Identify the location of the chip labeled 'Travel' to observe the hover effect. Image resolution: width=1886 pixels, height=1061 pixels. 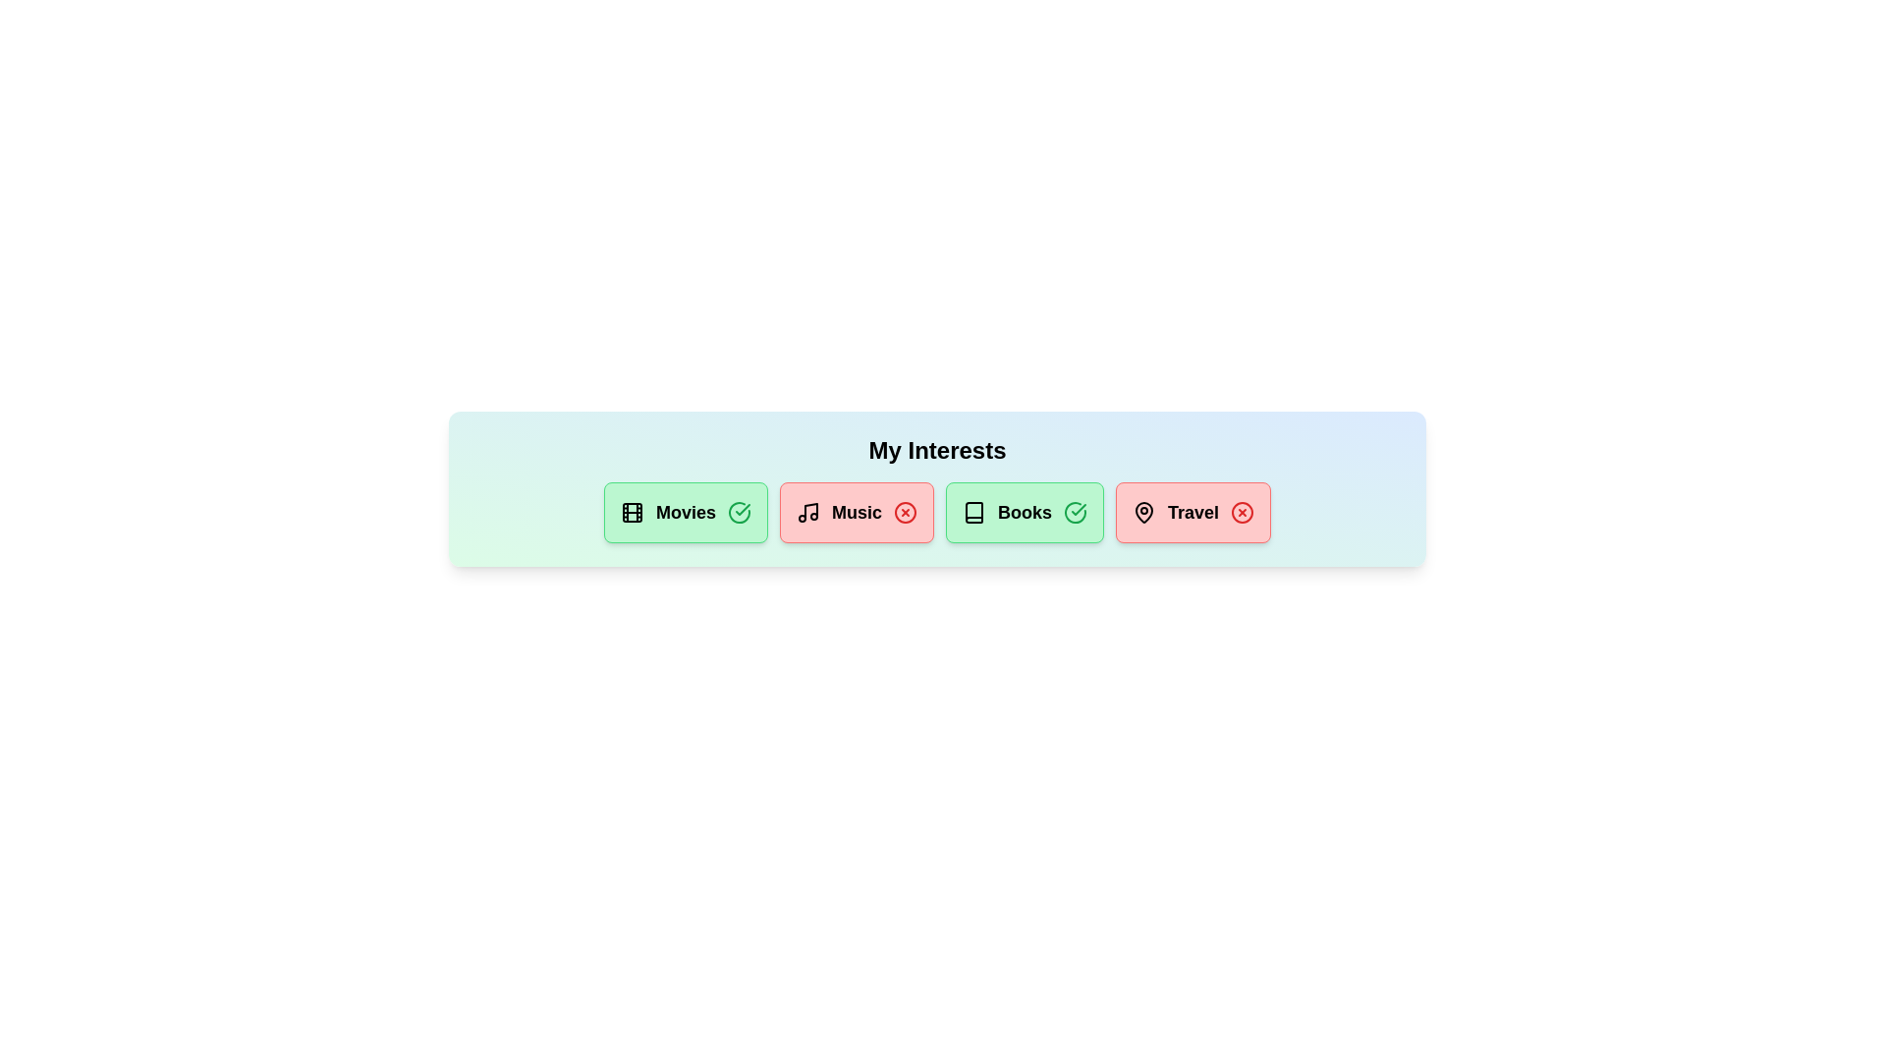
(1192, 511).